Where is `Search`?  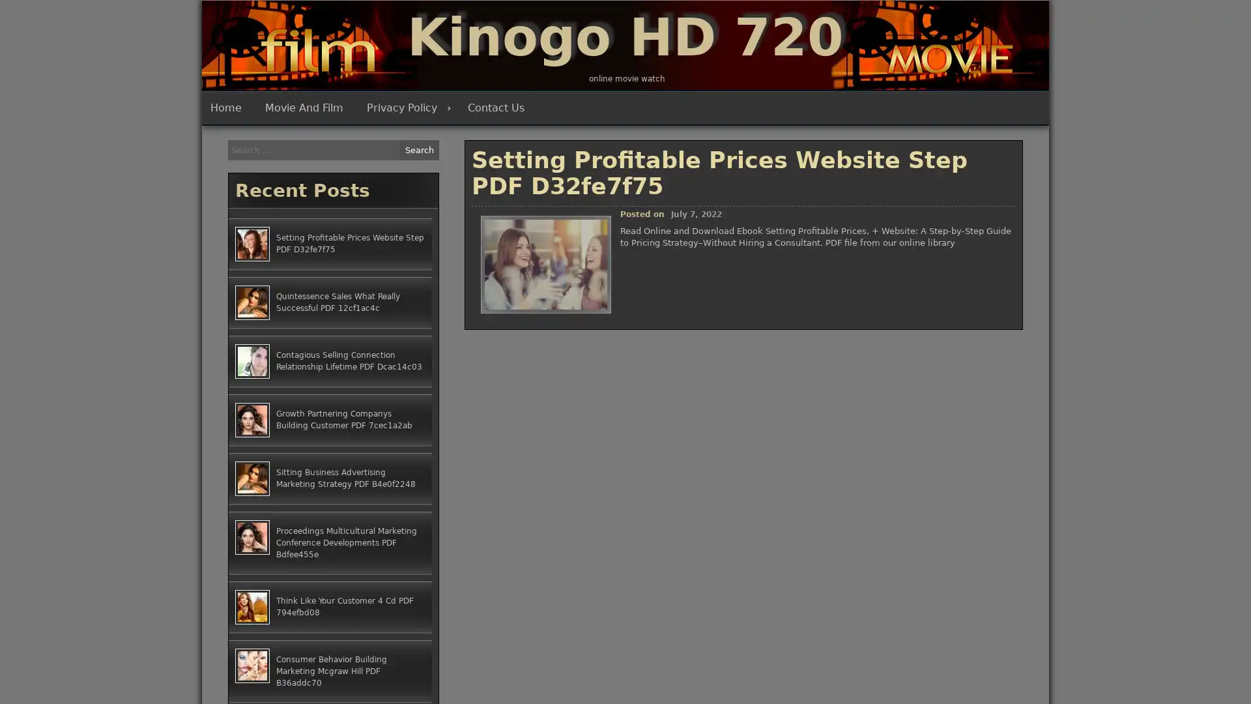 Search is located at coordinates (419, 149).